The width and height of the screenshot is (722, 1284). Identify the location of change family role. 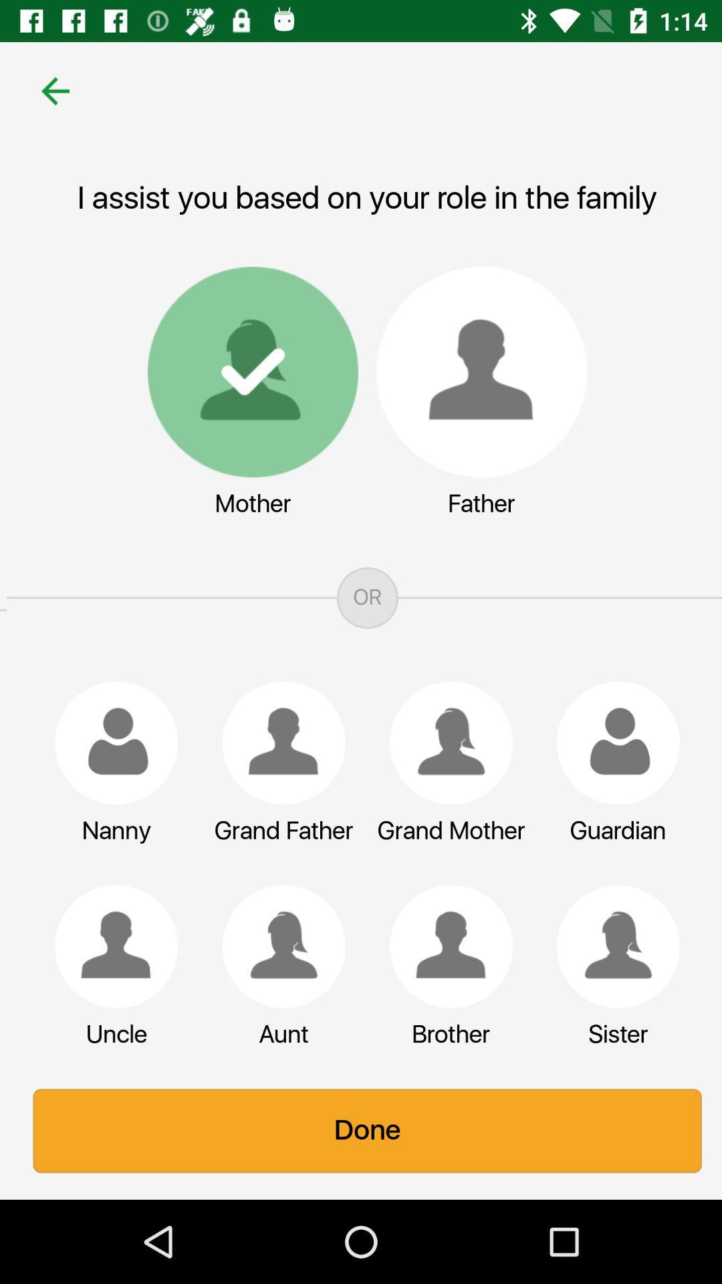
(109, 946).